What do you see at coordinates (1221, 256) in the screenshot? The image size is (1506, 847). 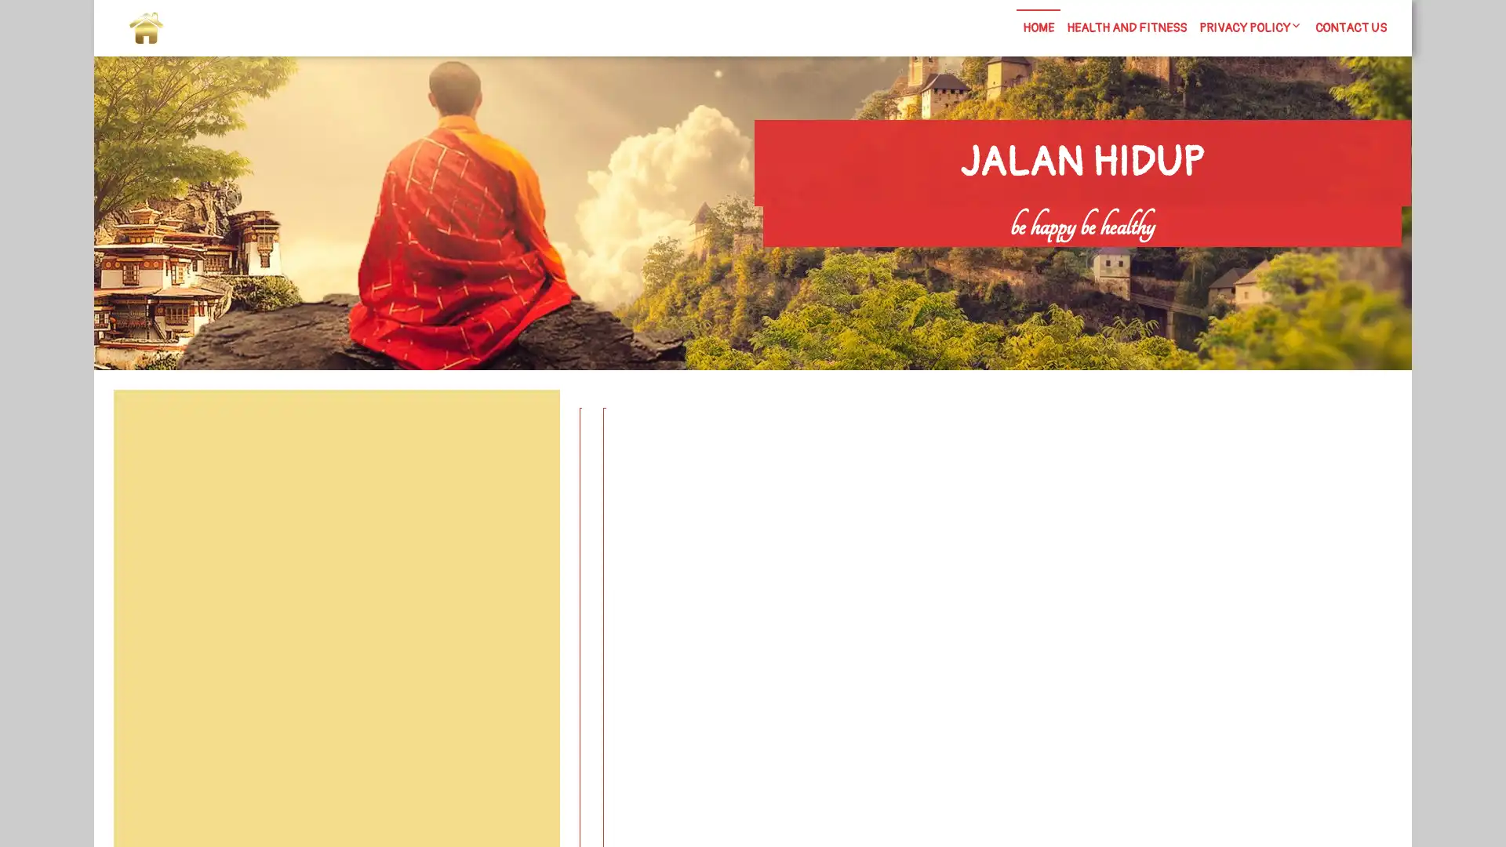 I see `Search` at bounding box center [1221, 256].